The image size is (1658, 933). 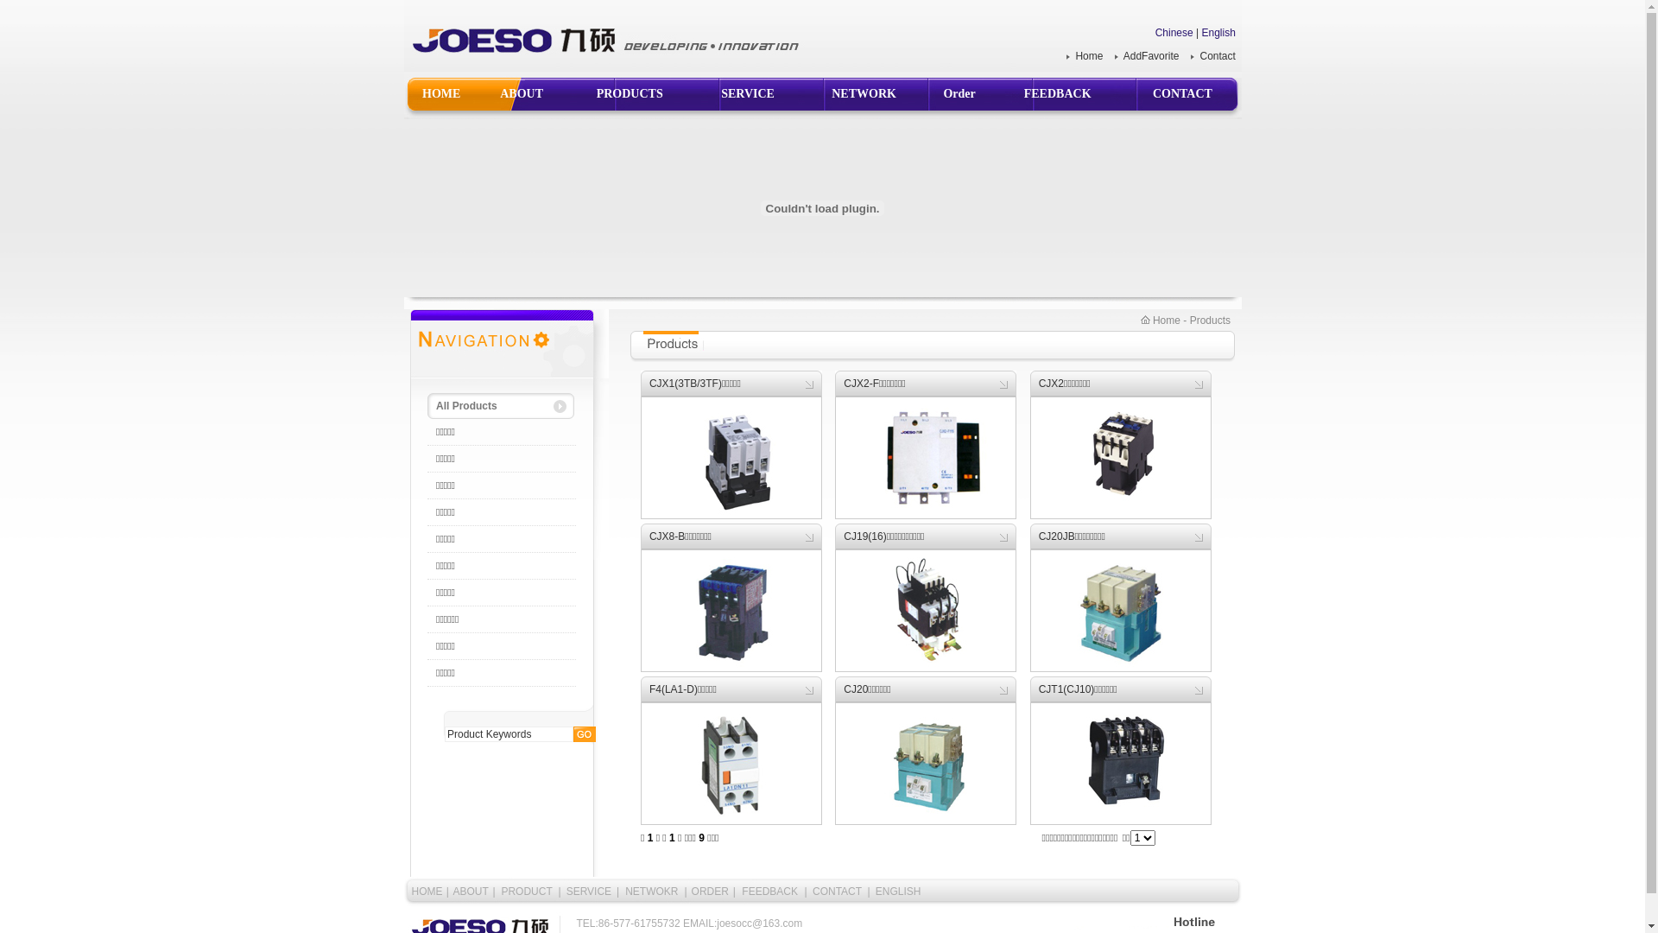 I want to click on 'English', so click(x=1217, y=33).